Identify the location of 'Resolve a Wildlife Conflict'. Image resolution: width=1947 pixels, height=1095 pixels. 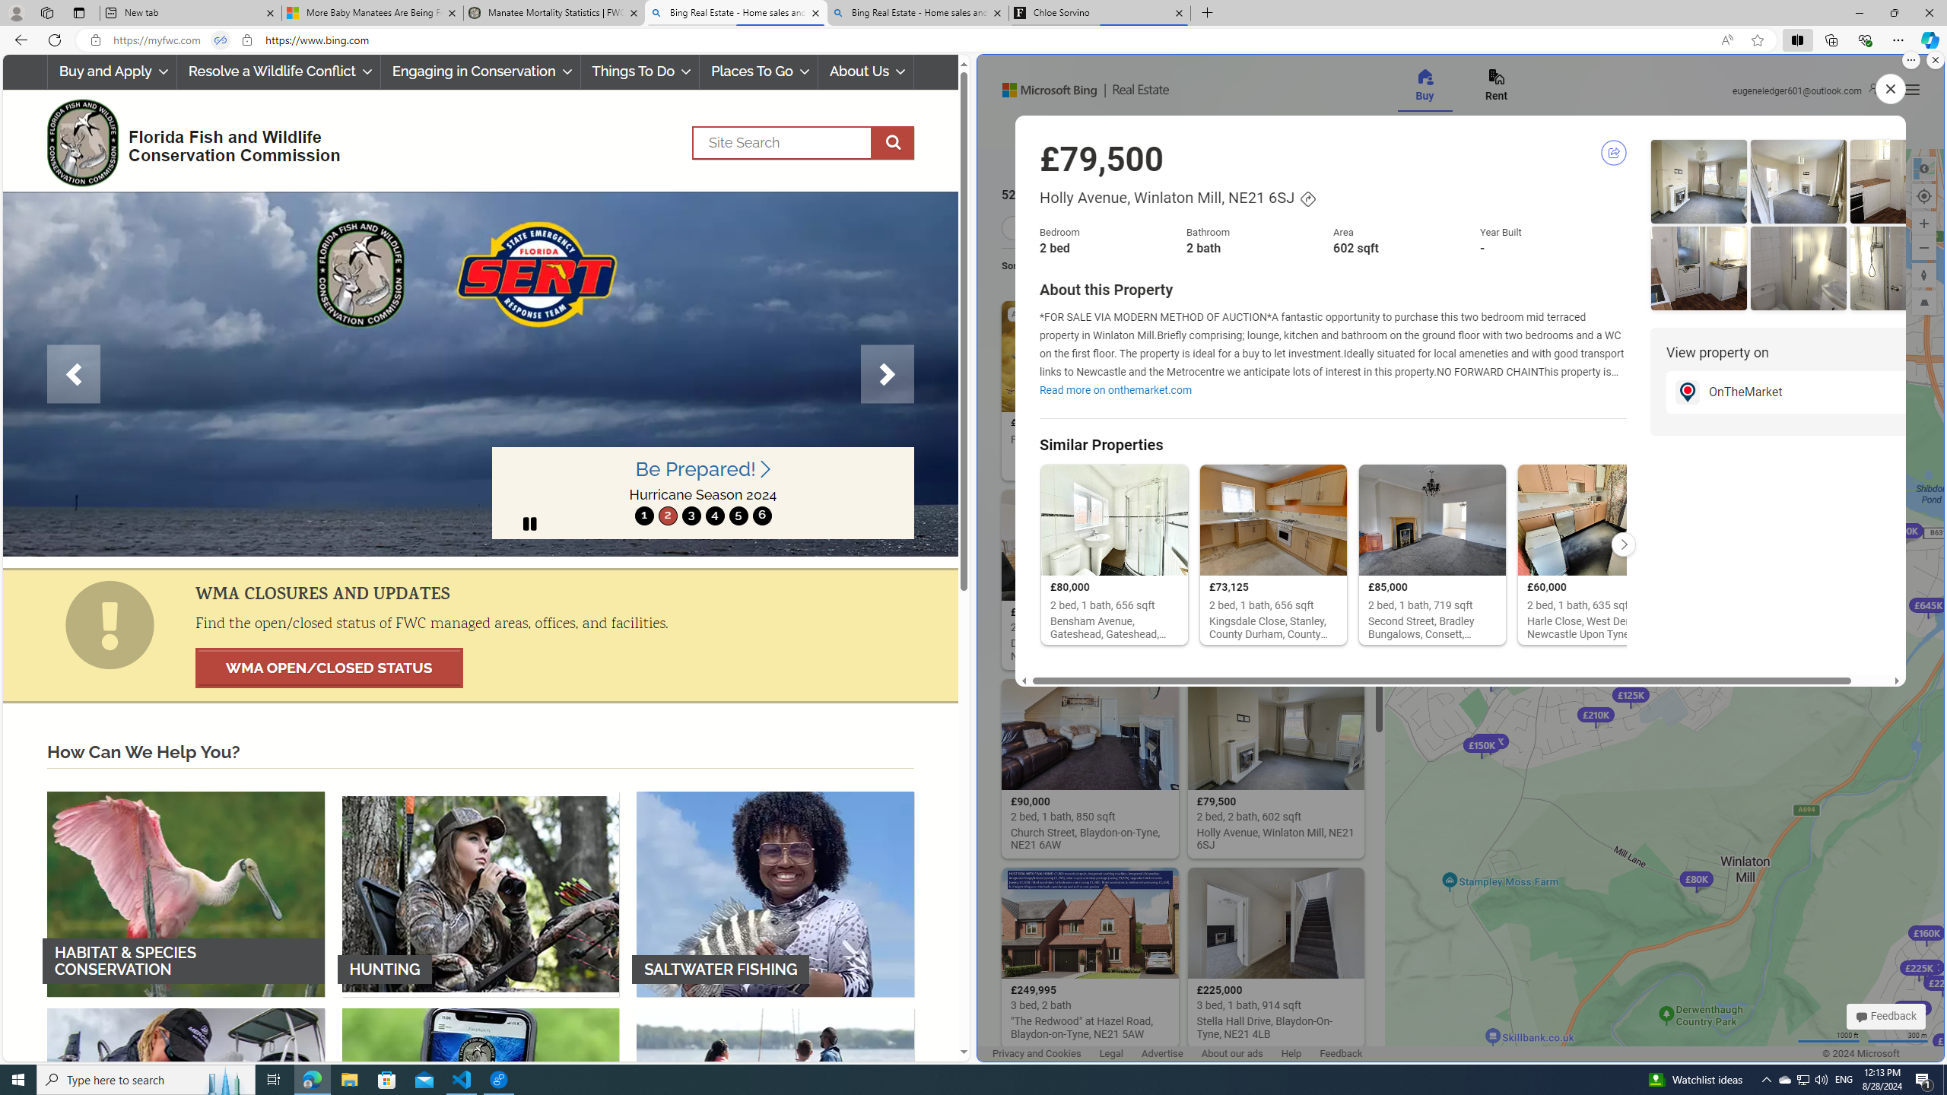
(278, 71).